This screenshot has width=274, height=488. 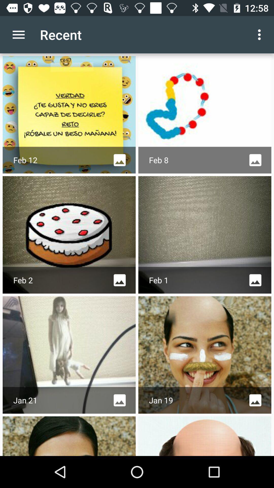 What do you see at coordinates (261, 34) in the screenshot?
I see `icon to the right of the recent app` at bounding box center [261, 34].